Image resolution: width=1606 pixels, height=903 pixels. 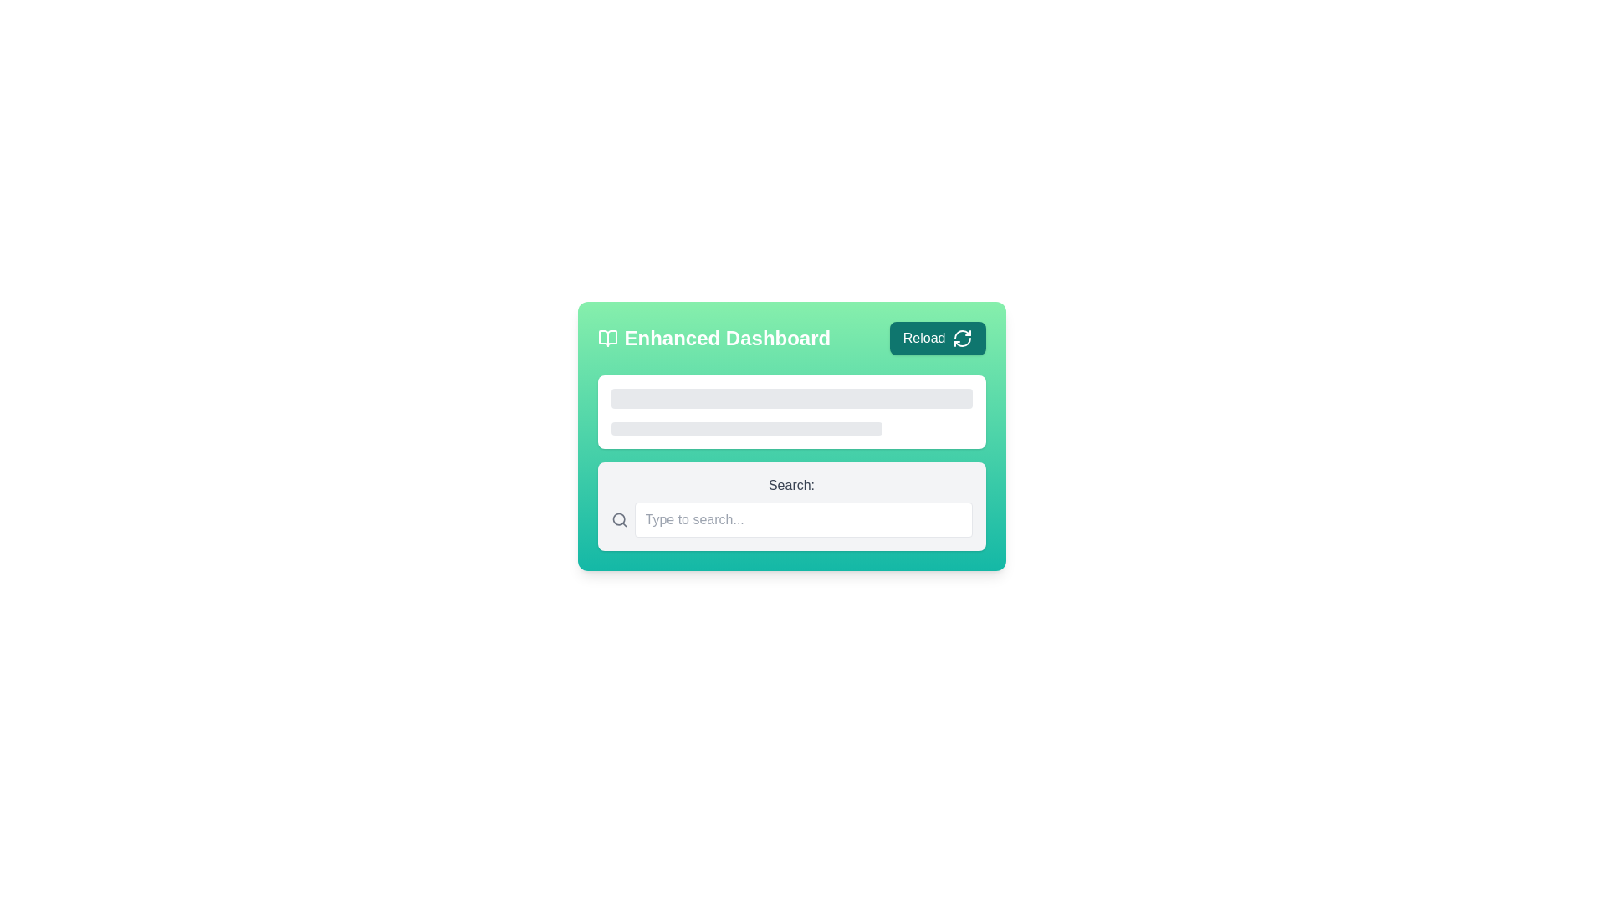 I want to click on the refresh Icon element located within the 'Reload' button in the top-right corner of the application interface, so click(x=962, y=339).